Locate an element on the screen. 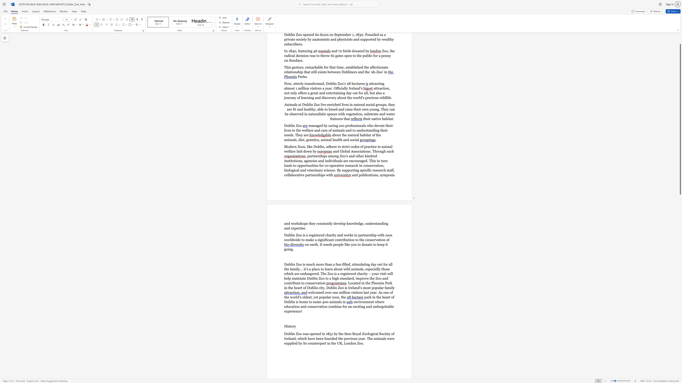 The height and width of the screenshot is (383, 682). the subset text "eeds. They" within the text "managed by caring zoo professionals who devote their lives to the welfare and care of animals and to understanding their needs. They are" is located at coordinates (286, 135).